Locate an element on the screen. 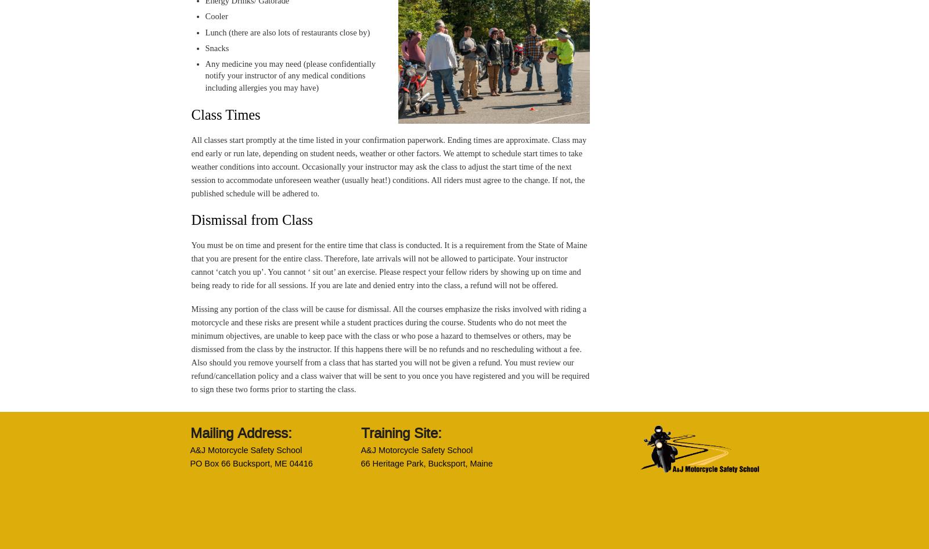  'You must be on time and present for the entire time that class is conducted. It is a requirement from the State of Maine that you are present for the entire class. Therefore, late arrivals will not be allowed to participate. Your instructor cannot ‘catch you up’. You cannot ‘ sit out’ an exercise. Please respect your fellow riders by showing up on time and being ready to ride for all sessions. If you are late and denied entry into the class, a refund will not be offered.' is located at coordinates (388, 265).